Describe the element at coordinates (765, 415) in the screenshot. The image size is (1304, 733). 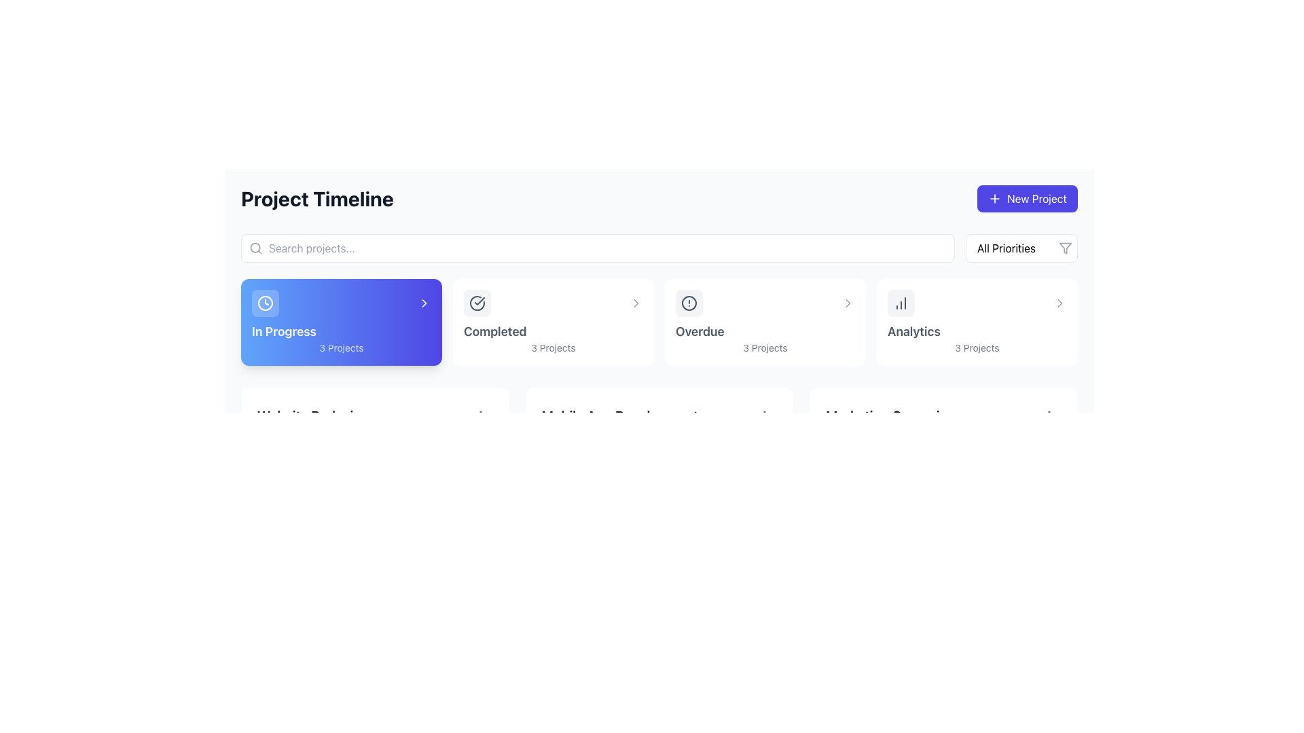
I see `the vertical ellipsis icon located at the bottom-right of the 'Analytics' section to access related functionalities` at that location.